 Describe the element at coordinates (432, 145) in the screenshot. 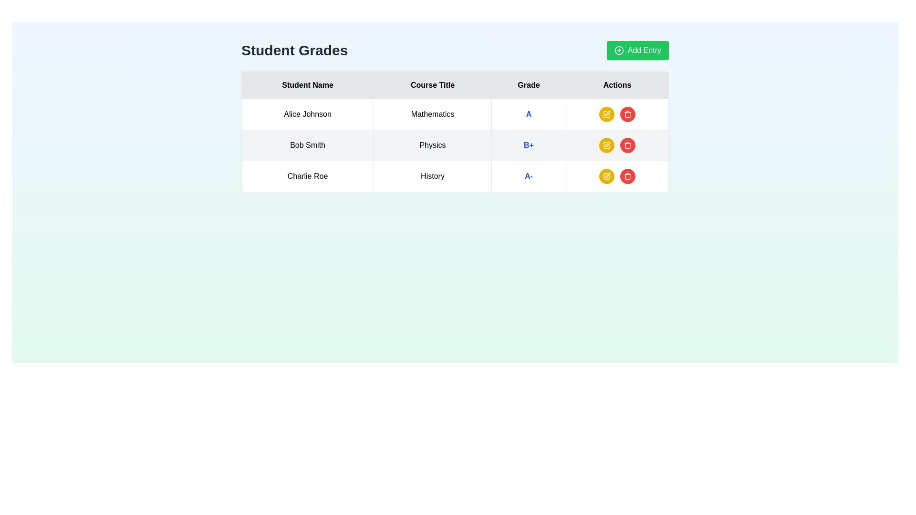

I see `the 'Course Title' text element in the 'Student Grades' table, located in the second row and second column, directly under the header and adjacent to 'Bob Smith'` at that location.